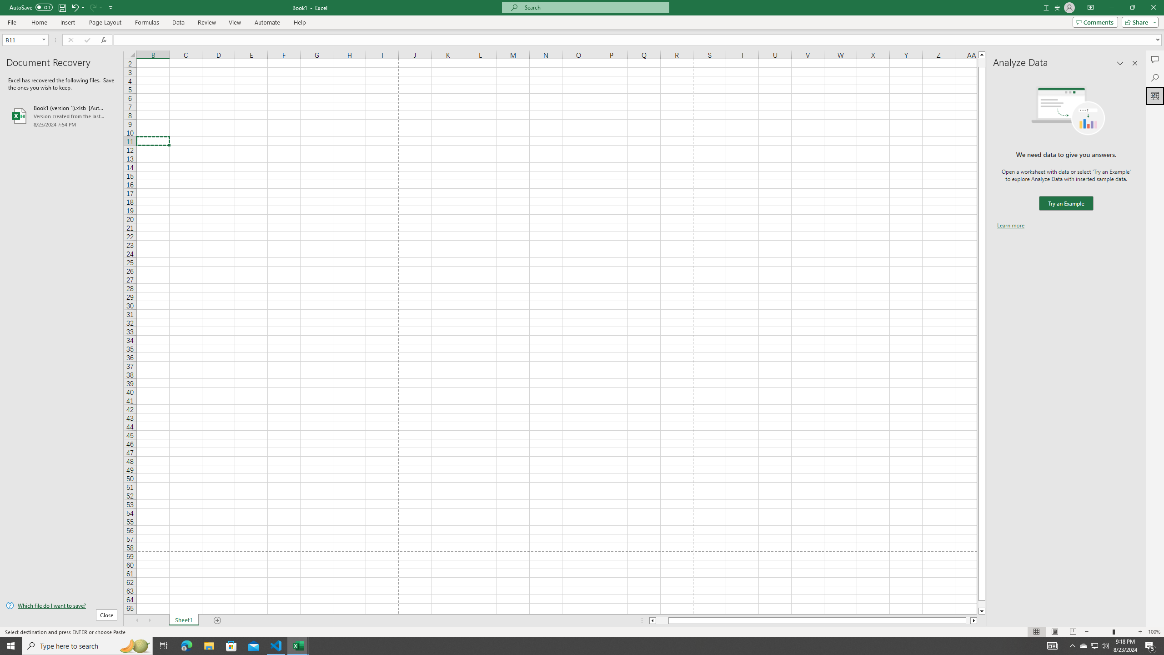  I want to click on 'Page left', so click(662, 620).